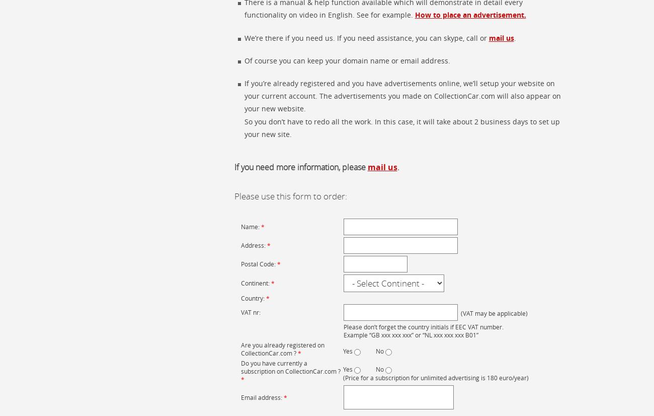 Image resolution: width=654 pixels, height=416 pixels. What do you see at coordinates (259, 263) in the screenshot?
I see `'Postal Code:'` at bounding box center [259, 263].